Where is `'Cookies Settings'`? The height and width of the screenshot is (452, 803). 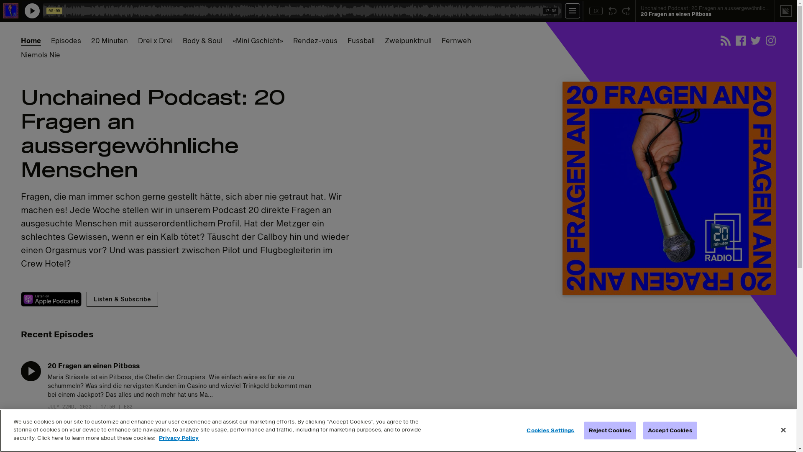 'Cookies Settings' is located at coordinates (550, 431).